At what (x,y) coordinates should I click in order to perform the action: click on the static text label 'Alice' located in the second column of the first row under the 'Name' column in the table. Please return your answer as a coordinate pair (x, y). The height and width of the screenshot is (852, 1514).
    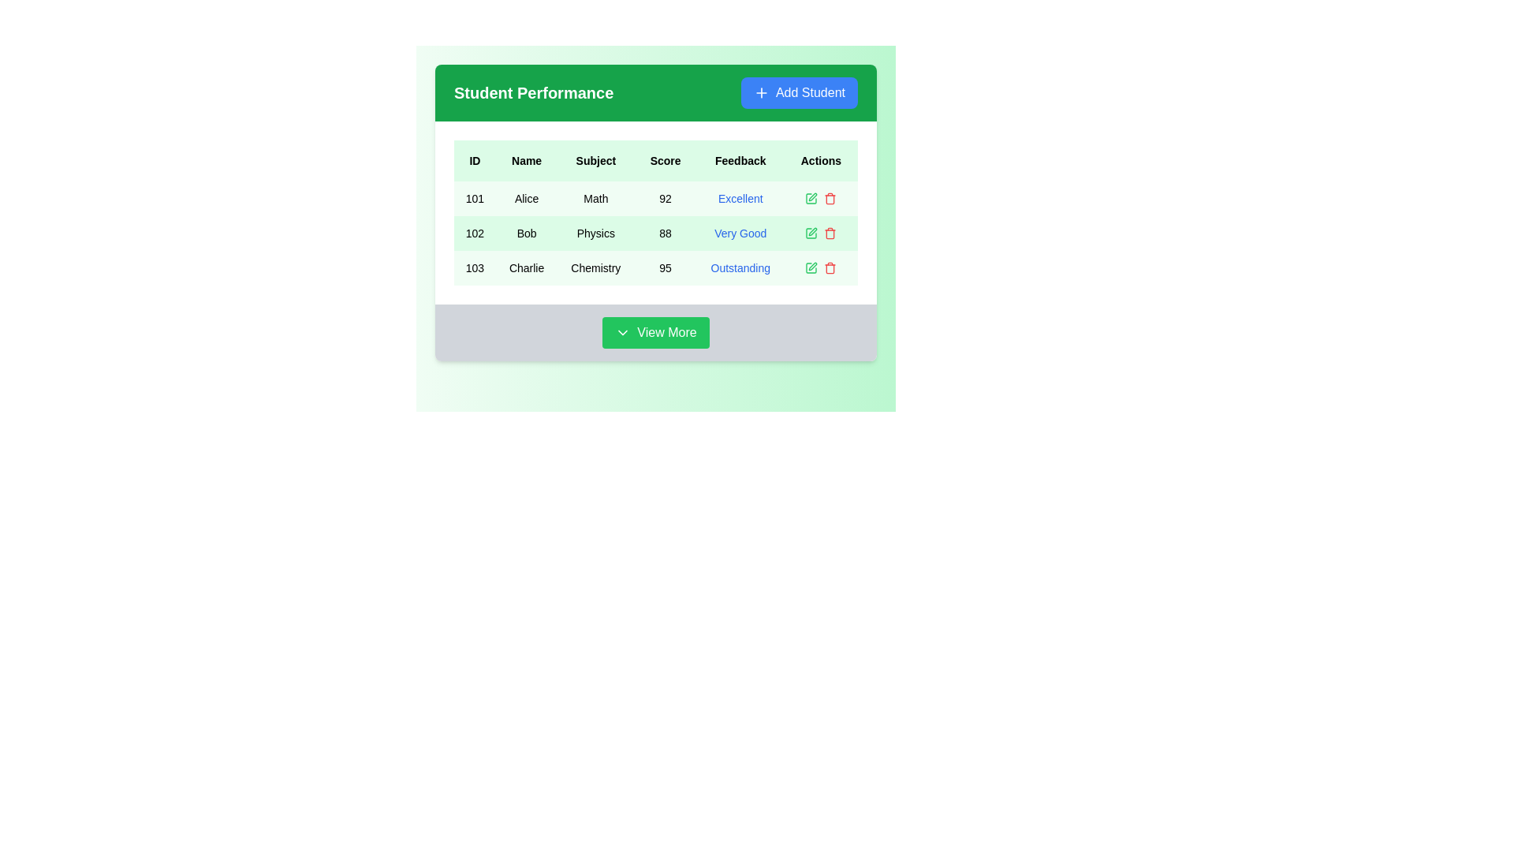
    Looking at the image, I should click on (527, 197).